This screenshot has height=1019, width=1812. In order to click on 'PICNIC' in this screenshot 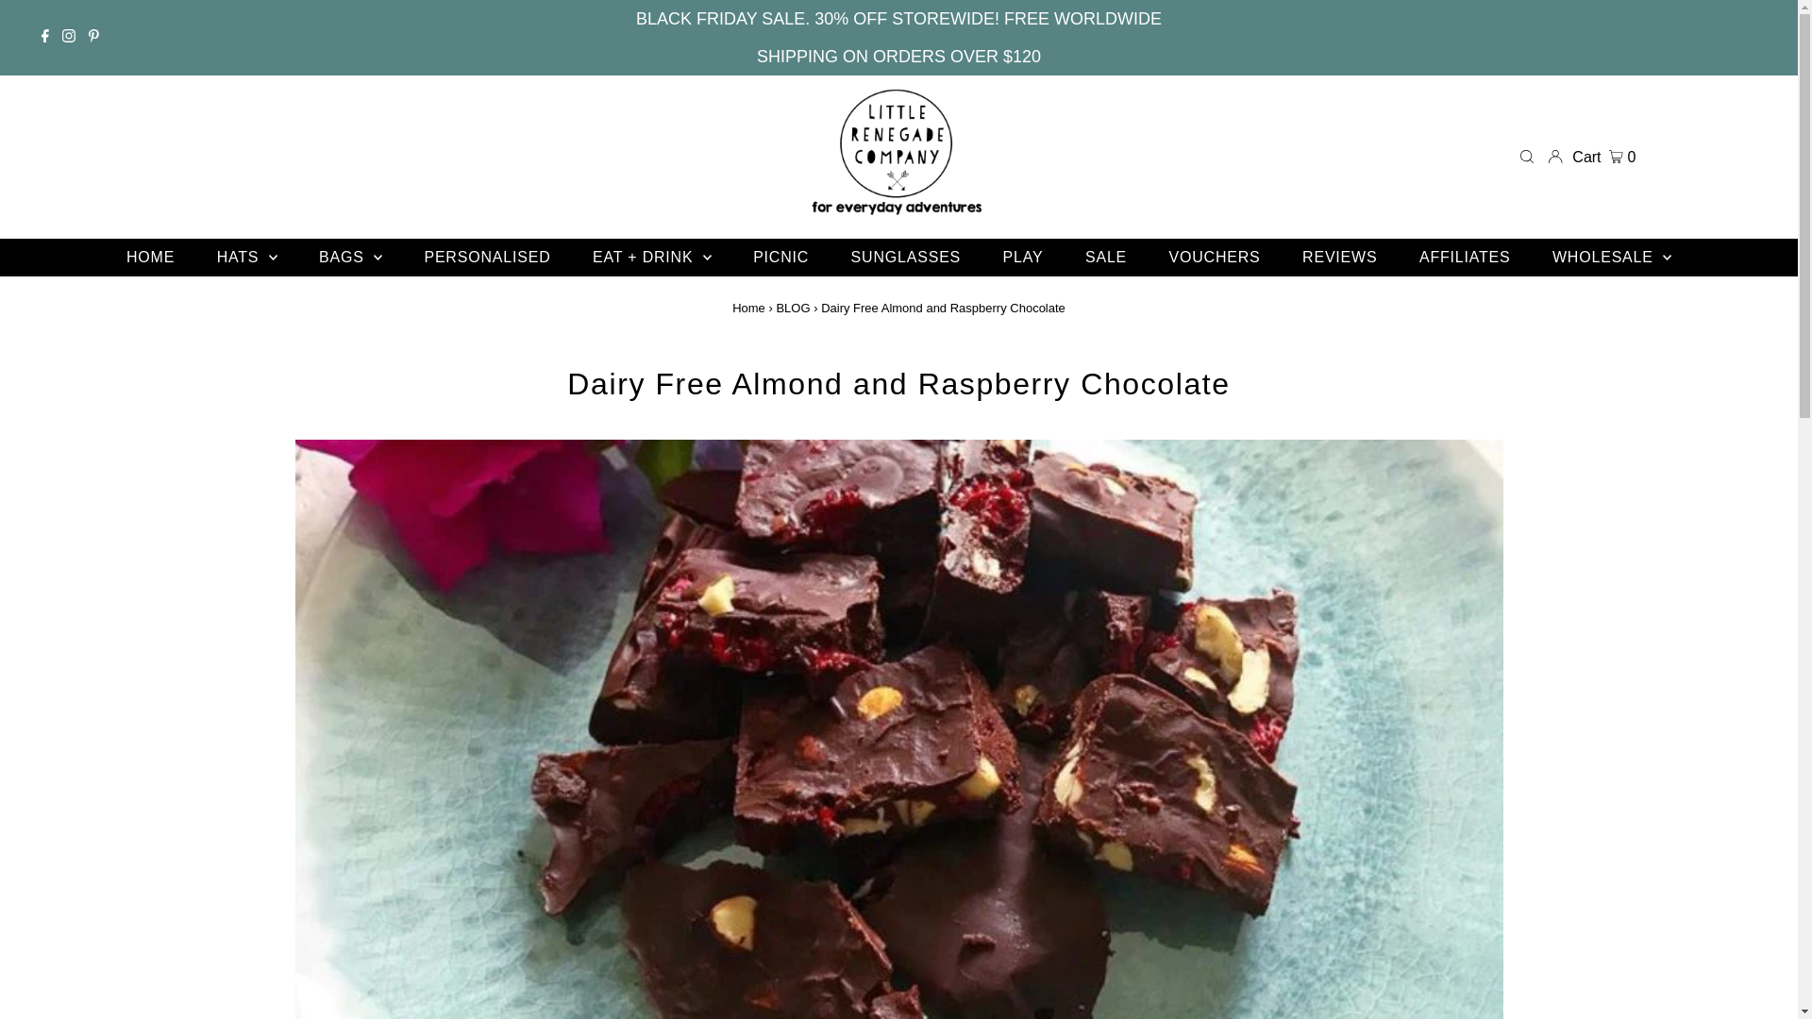, I will do `click(780, 258)`.